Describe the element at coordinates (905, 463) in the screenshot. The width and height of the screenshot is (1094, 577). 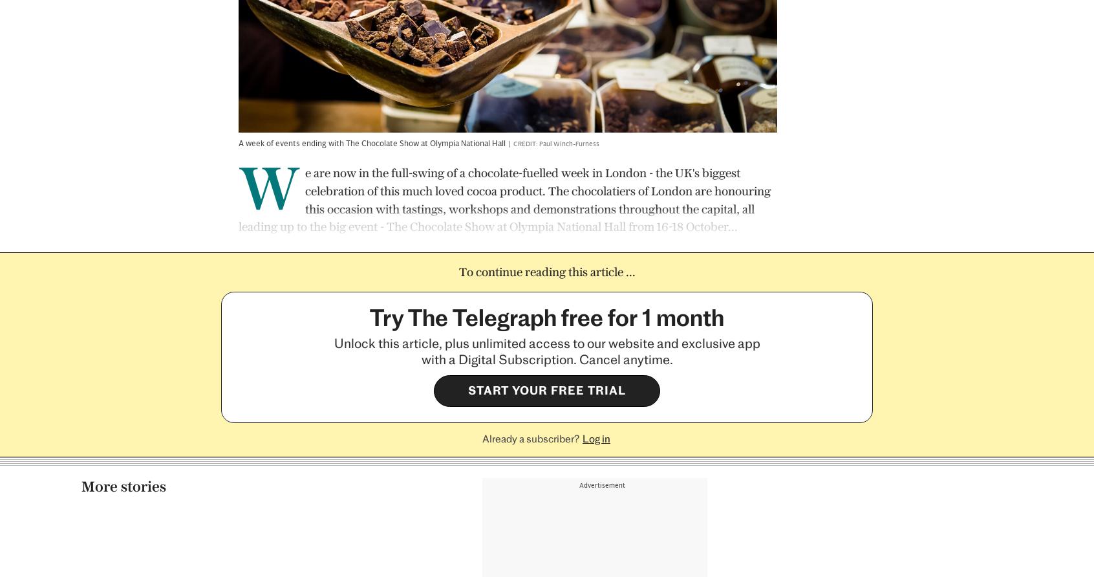
I see `'Xanthe Clay'` at that location.